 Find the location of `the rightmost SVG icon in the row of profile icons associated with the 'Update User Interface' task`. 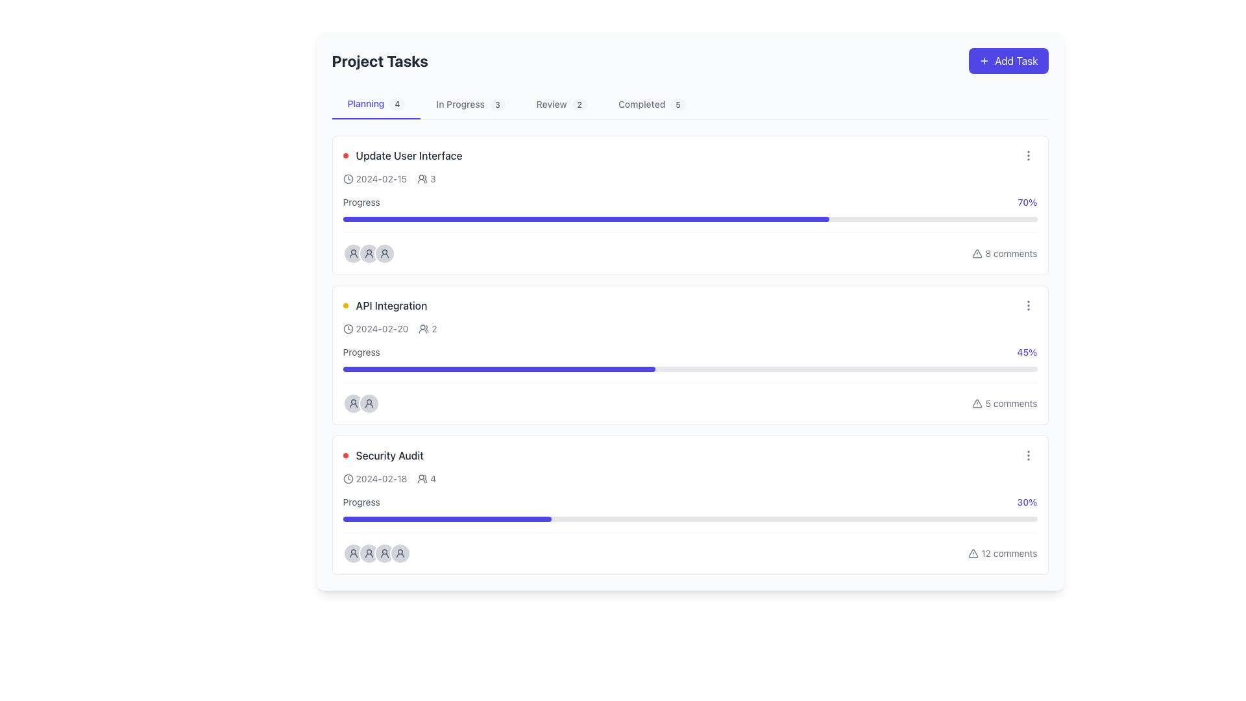

the rightmost SVG icon in the row of profile icons associated with the 'Update User Interface' task is located at coordinates (384, 253).